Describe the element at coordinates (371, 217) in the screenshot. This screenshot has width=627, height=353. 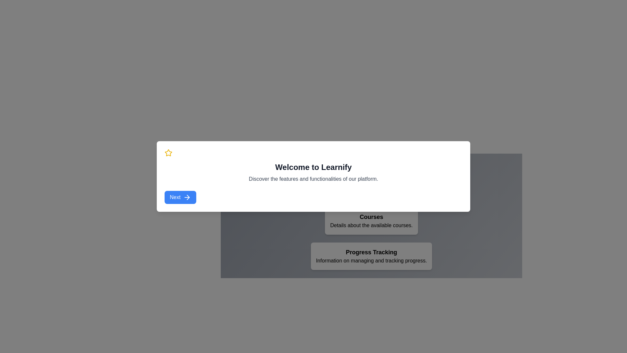
I see `text label located at the center of a white card with rounded corners, positioned above another text line within the card that provides details about available courses` at that location.